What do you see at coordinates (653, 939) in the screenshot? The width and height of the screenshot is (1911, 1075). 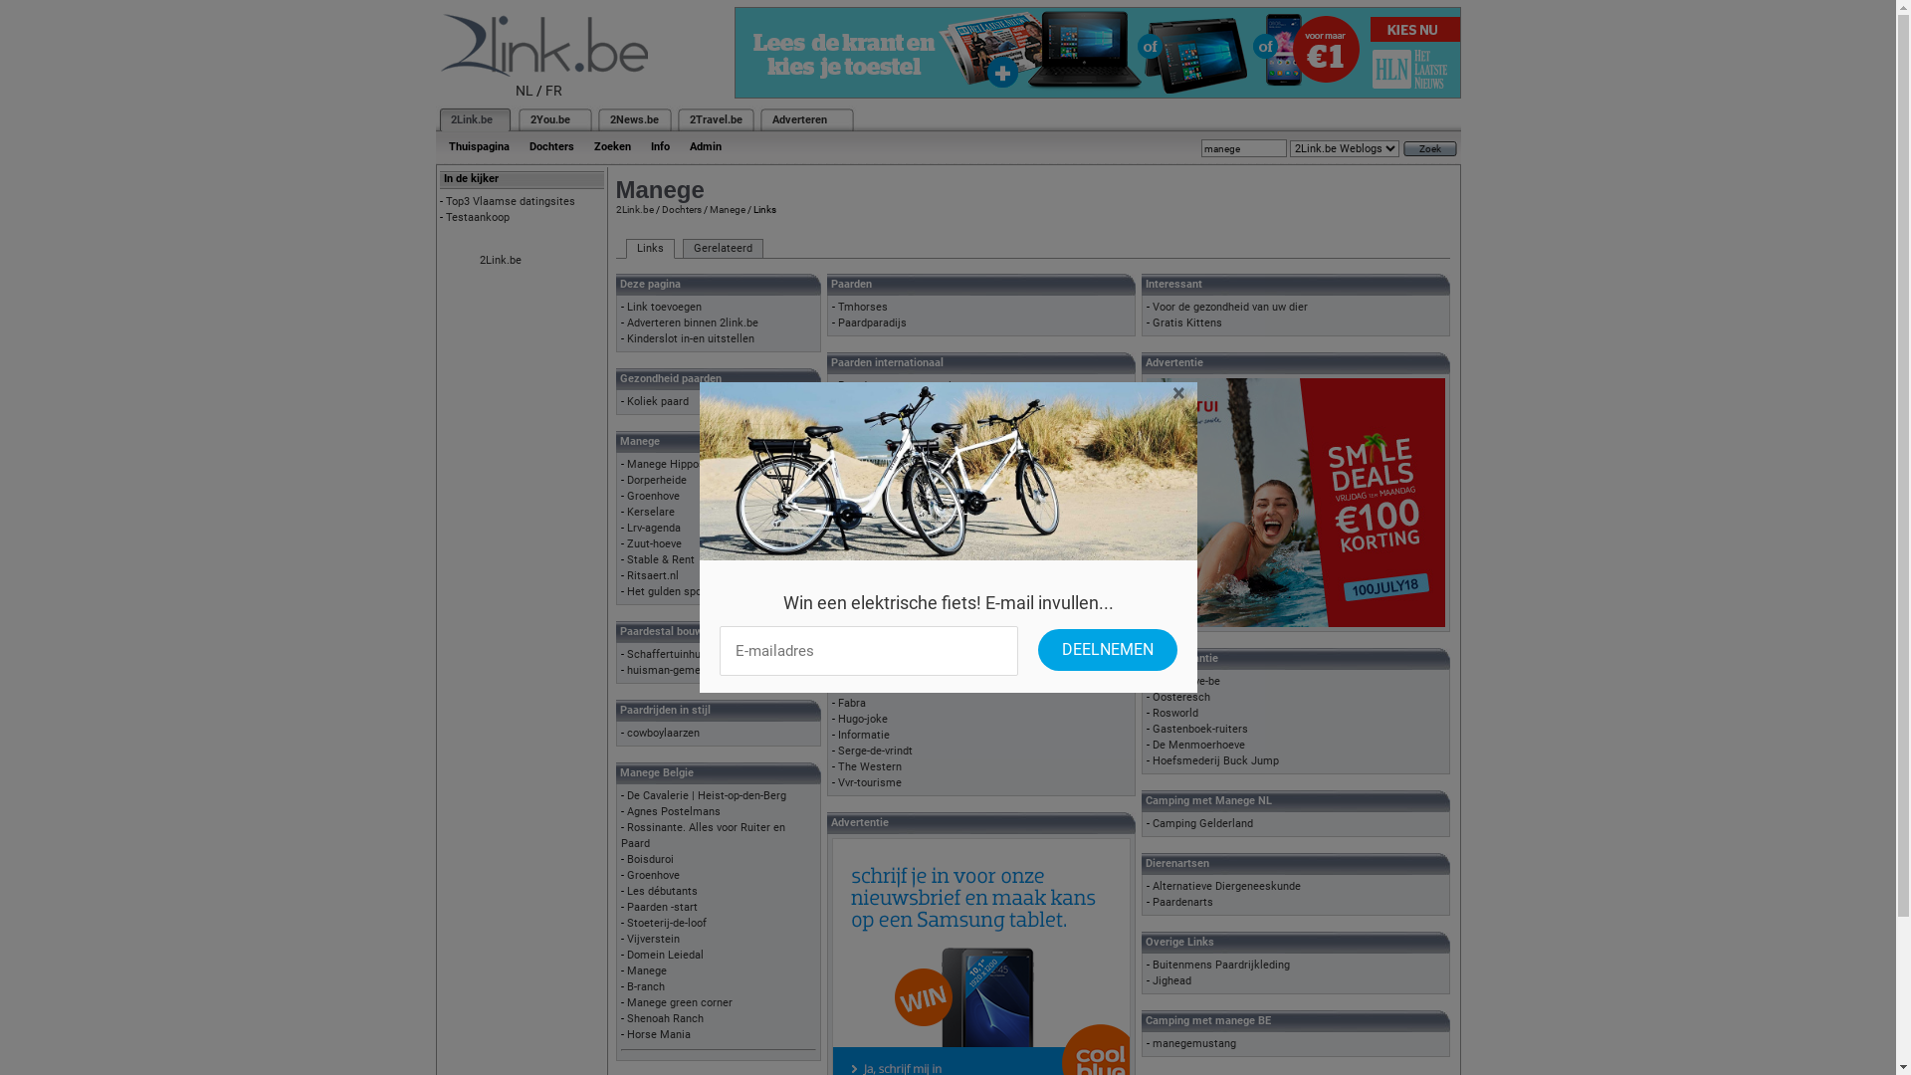 I see `'Vijverstein'` at bounding box center [653, 939].